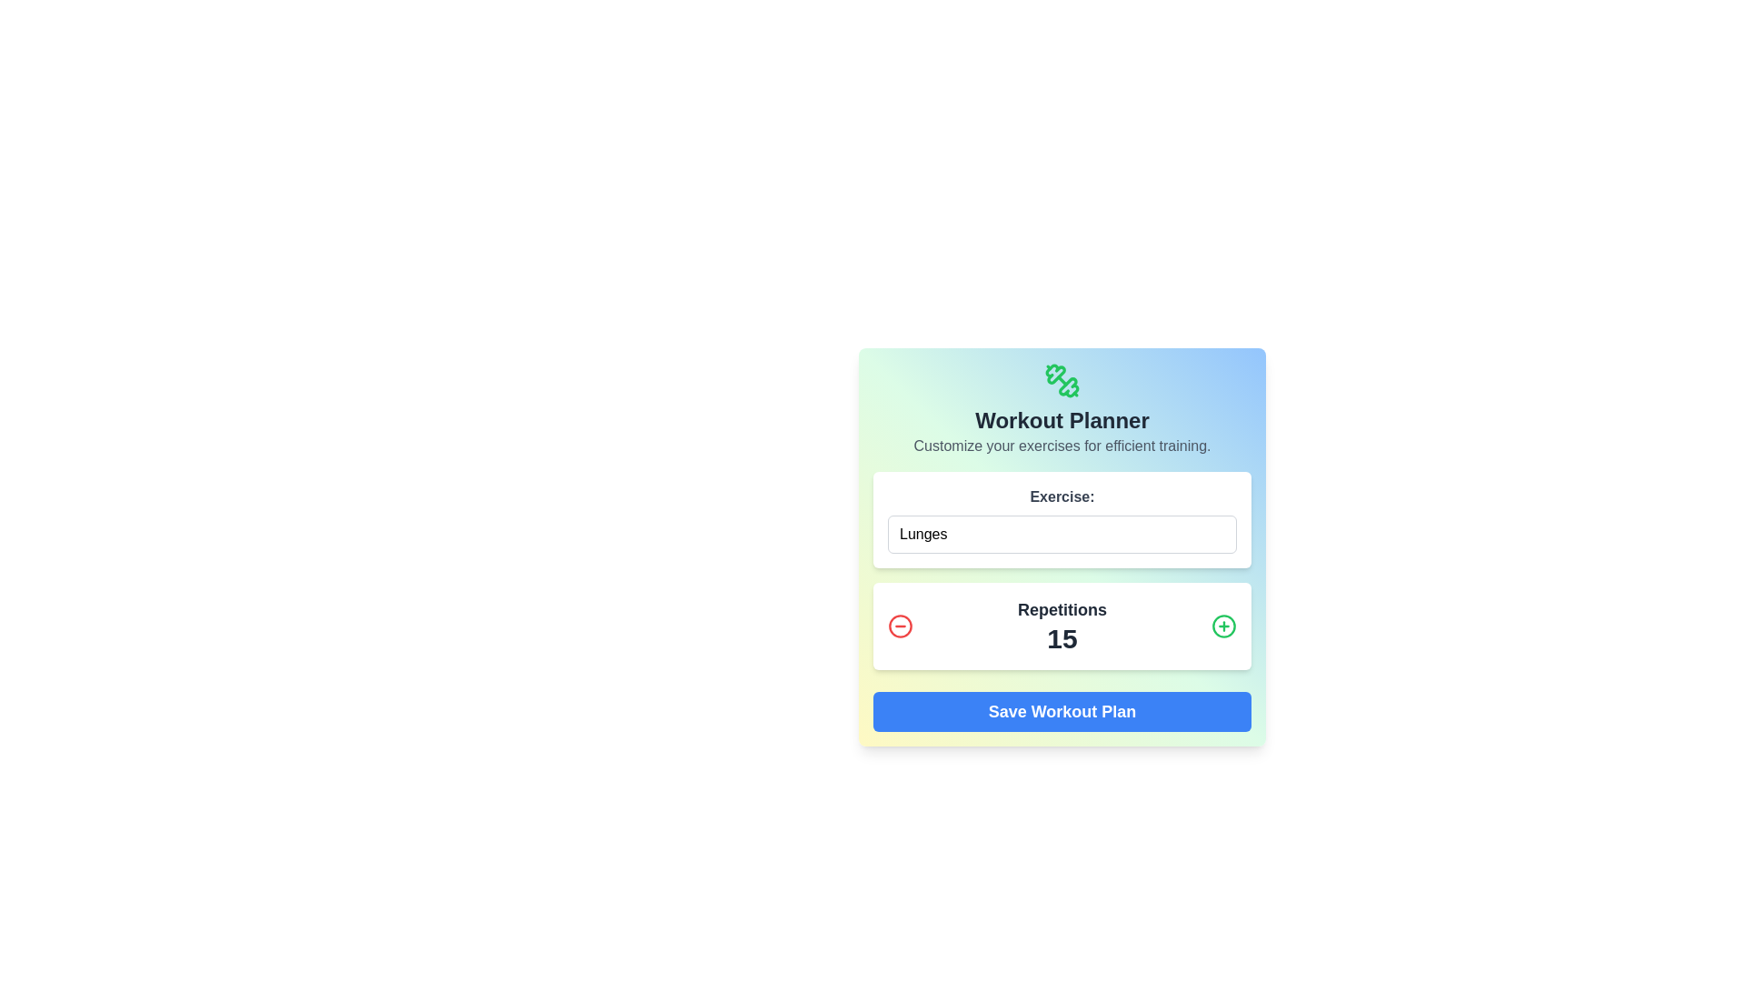 This screenshot has width=1745, height=982. Describe the element at coordinates (1062, 420) in the screenshot. I see `the 'Workout Planner' text label, which is a bold, large font title in dark gray color, located at the top of the card interface below a green dumbbell icon` at that location.